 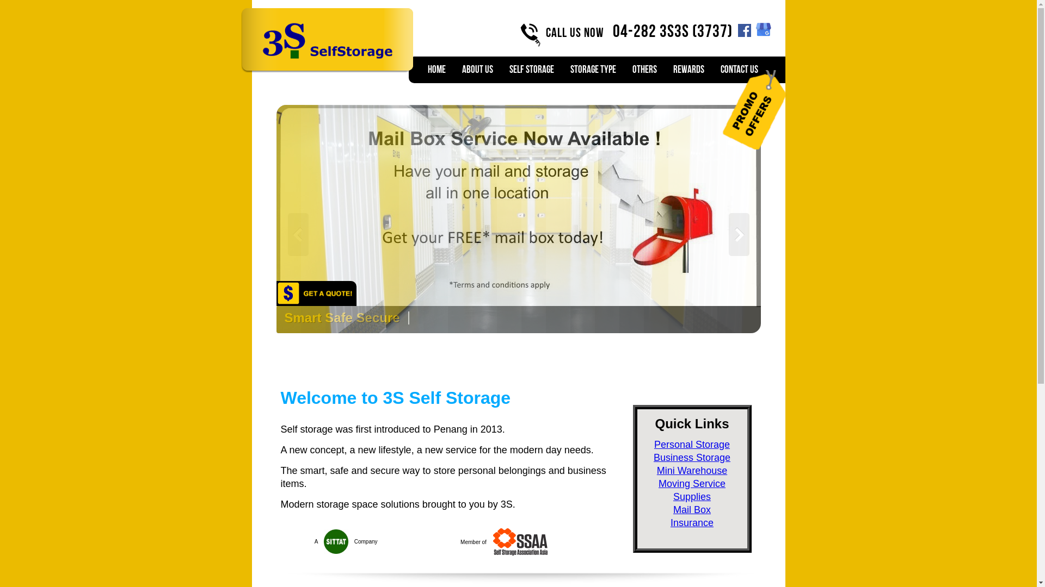 I want to click on 'Business Storage', so click(x=691, y=457).